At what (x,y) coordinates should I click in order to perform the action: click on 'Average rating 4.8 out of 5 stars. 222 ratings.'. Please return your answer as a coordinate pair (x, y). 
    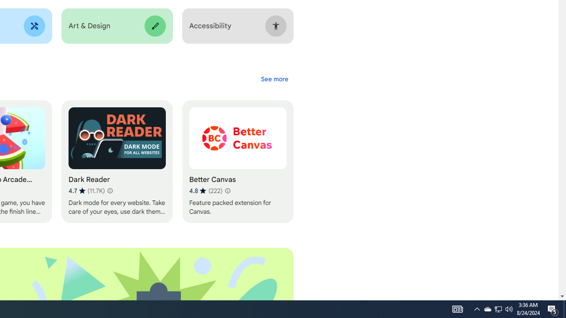
    Looking at the image, I should click on (205, 190).